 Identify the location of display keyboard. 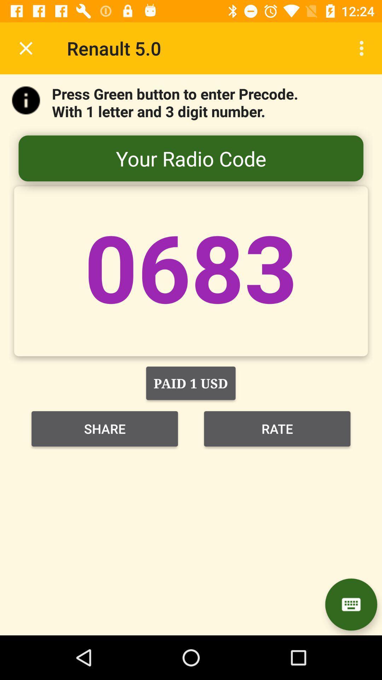
(351, 604).